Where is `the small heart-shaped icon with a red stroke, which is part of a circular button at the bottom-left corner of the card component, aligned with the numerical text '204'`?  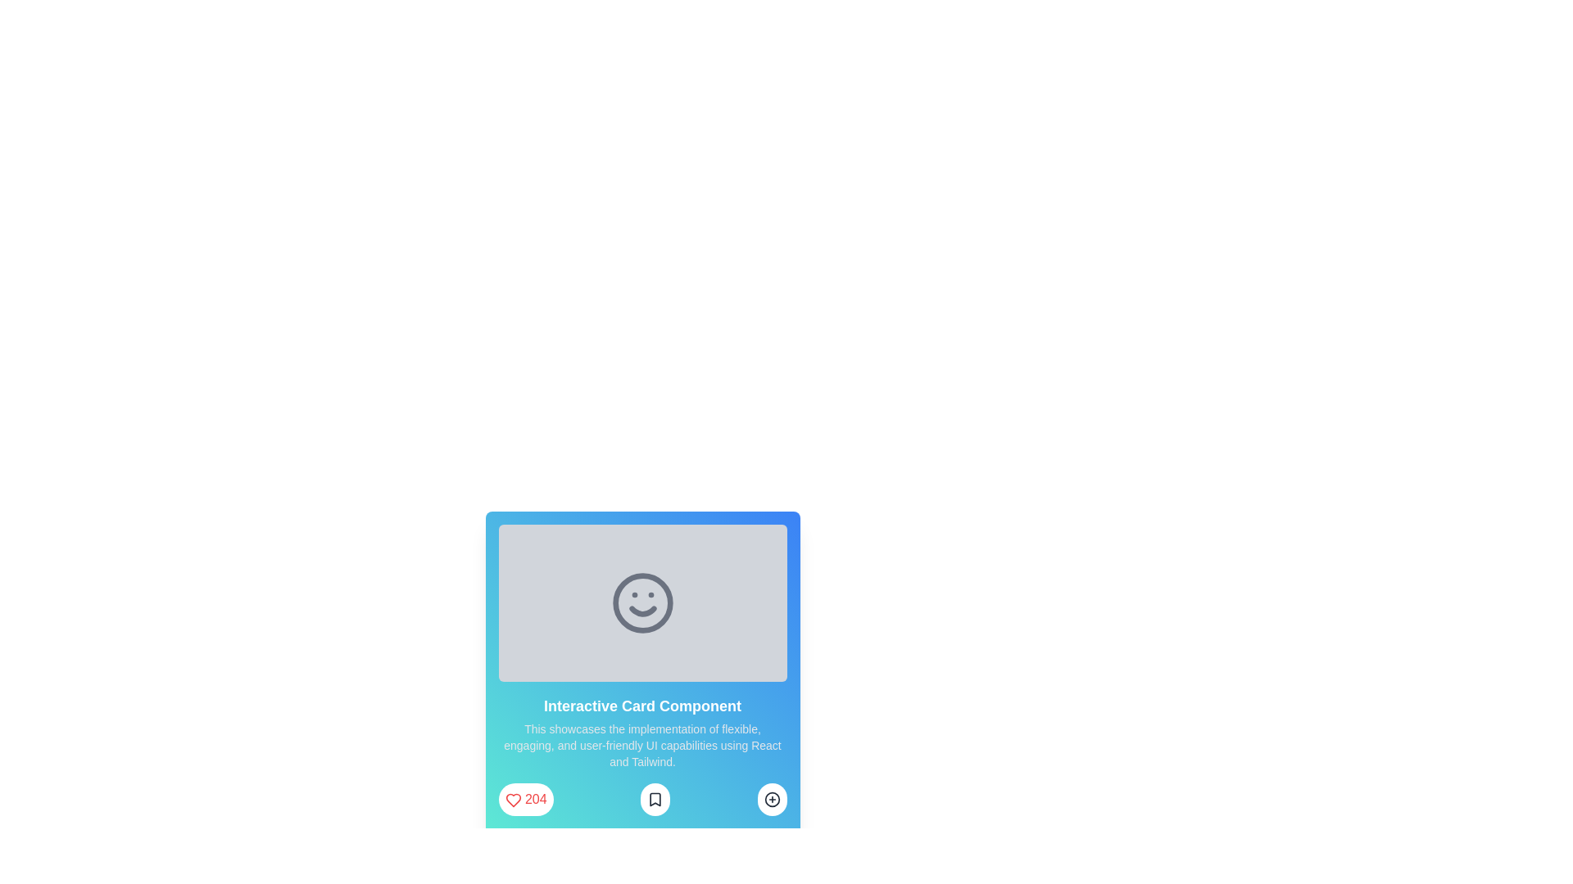 the small heart-shaped icon with a red stroke, which is part of a circular button at the bottom-left corner of the card component, aligned with the numerical text '204' is located at coordinates (512, 799).